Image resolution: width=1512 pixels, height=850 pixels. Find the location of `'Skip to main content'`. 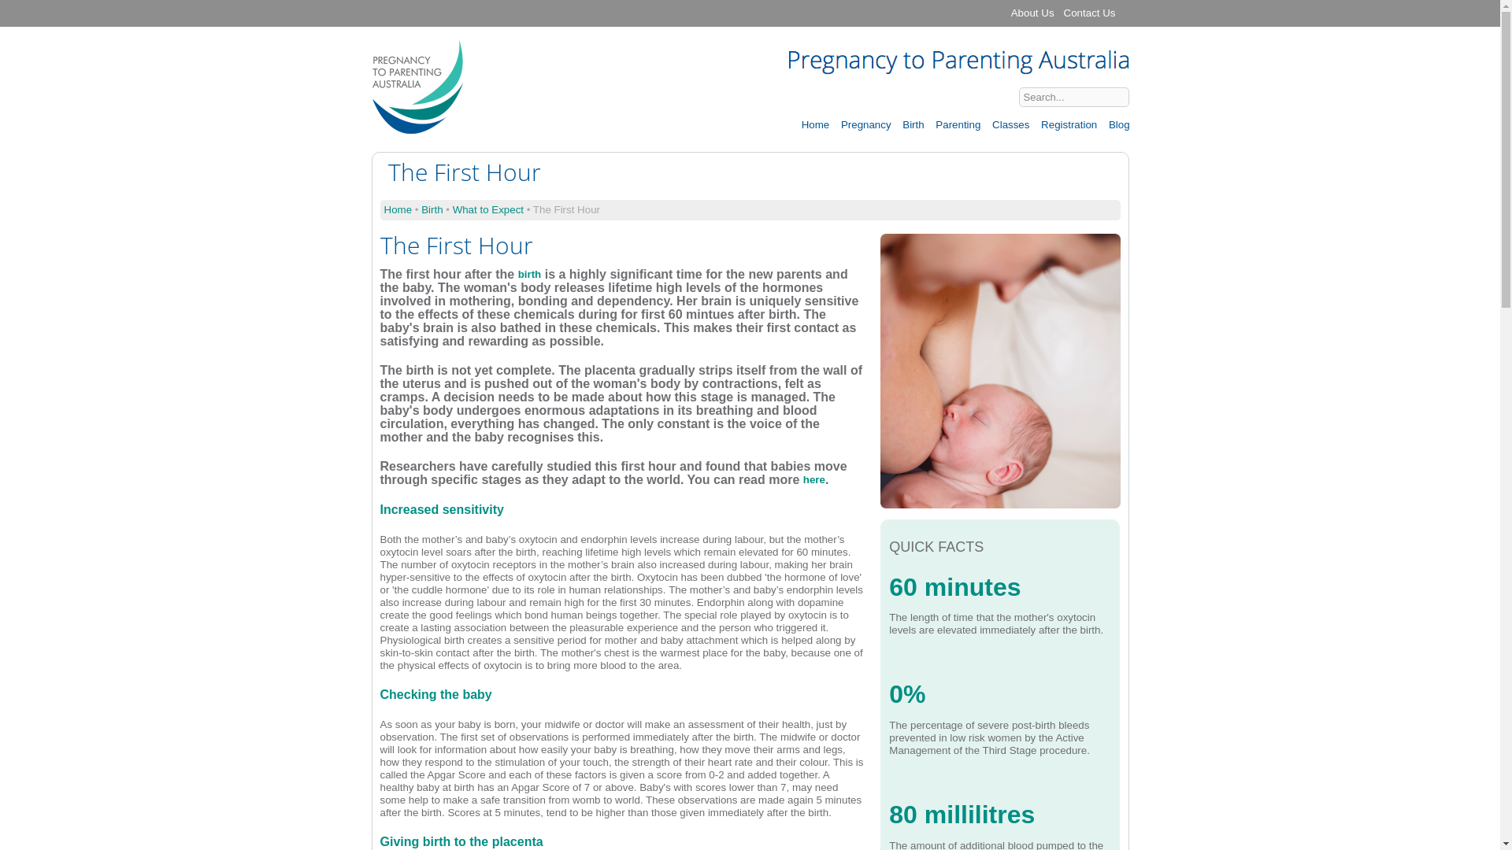

'Skip to main content' is located at coordinates (691, 2).